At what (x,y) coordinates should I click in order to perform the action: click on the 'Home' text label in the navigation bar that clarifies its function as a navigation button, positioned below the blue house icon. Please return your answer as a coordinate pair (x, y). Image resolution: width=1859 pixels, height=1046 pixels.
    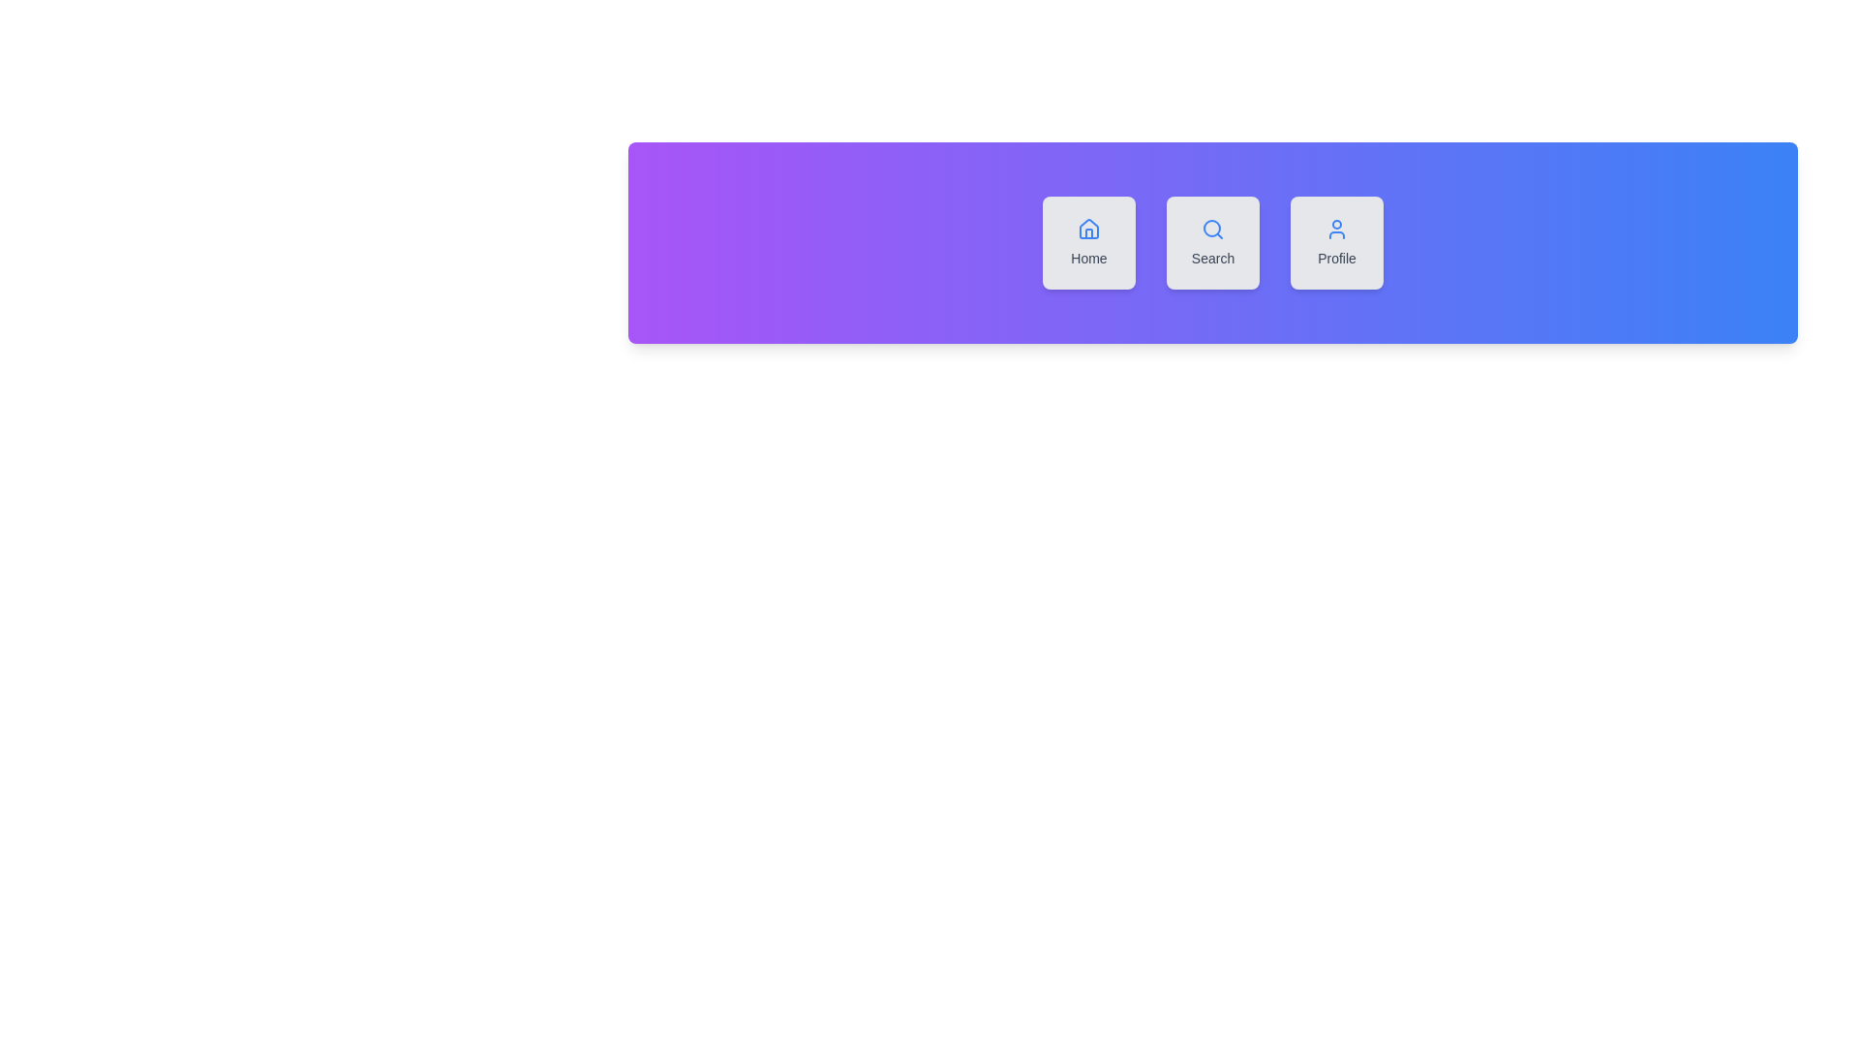
    Looking at the image, I should click on (1088, 257).